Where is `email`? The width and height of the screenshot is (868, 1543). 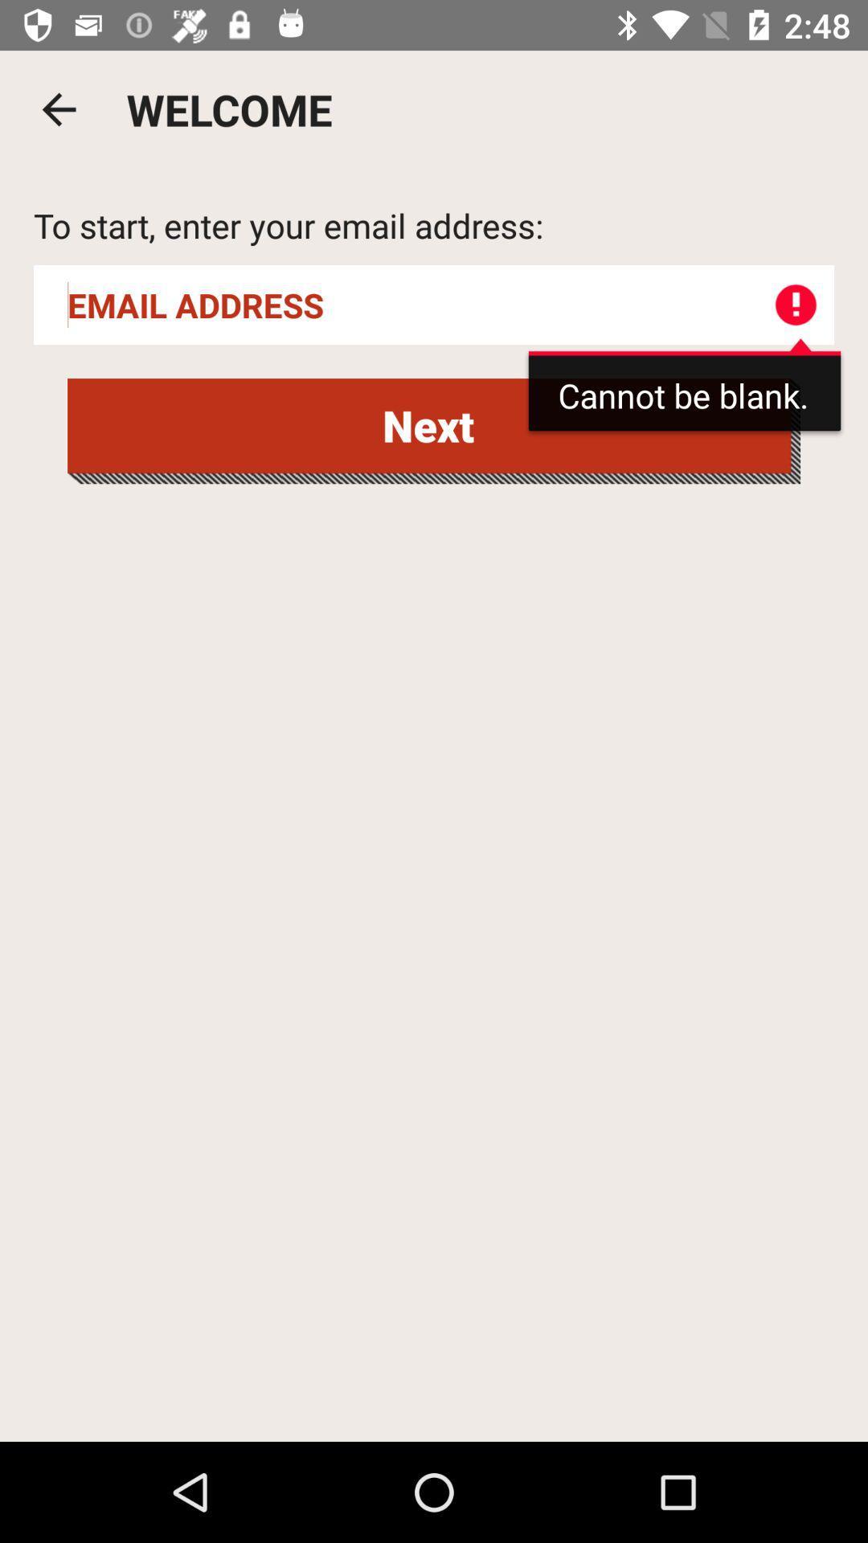
email is located at coordinates (434, 305).